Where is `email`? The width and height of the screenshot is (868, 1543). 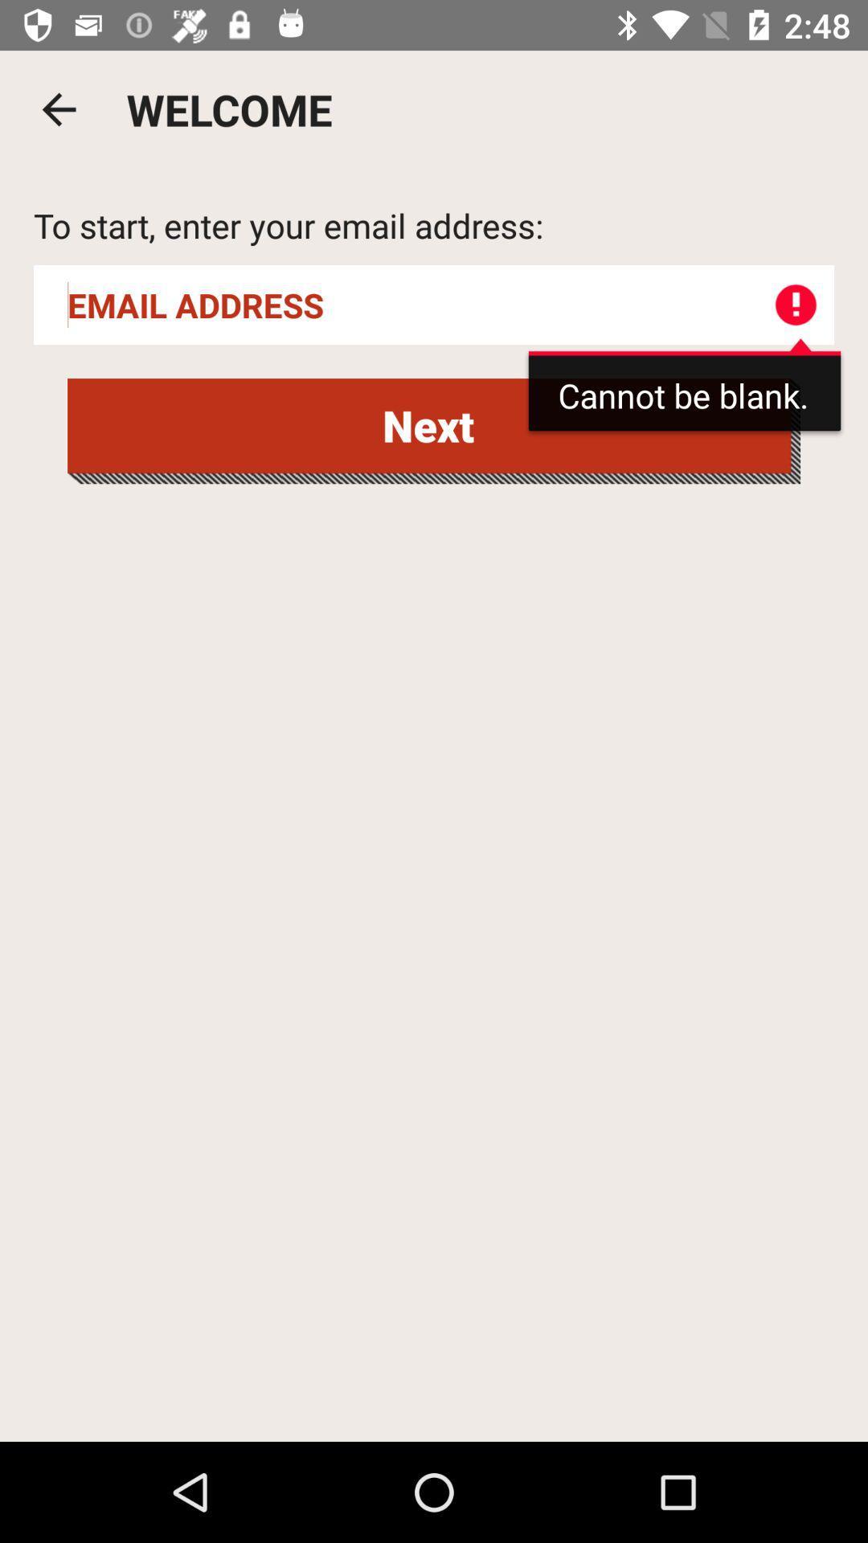
email is located at coordinates (434, 305).